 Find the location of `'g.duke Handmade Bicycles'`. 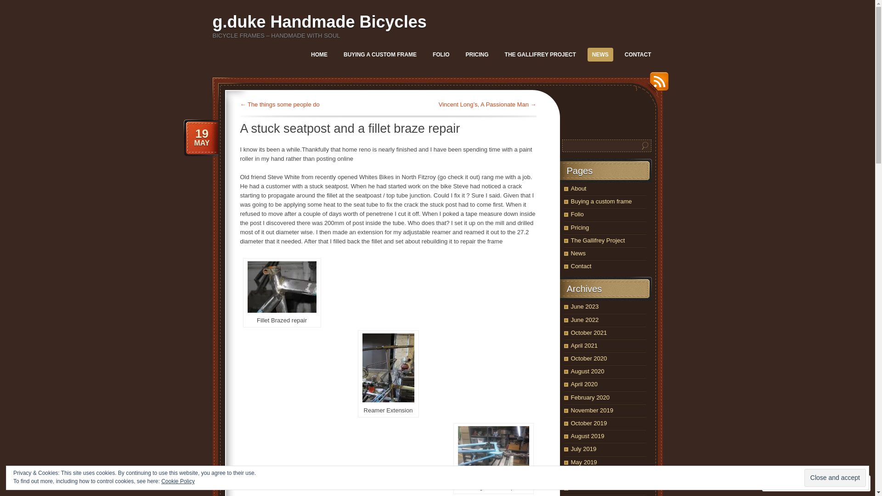

'g.duke Handmade Bicycles' is located at coordinates (319, 21).